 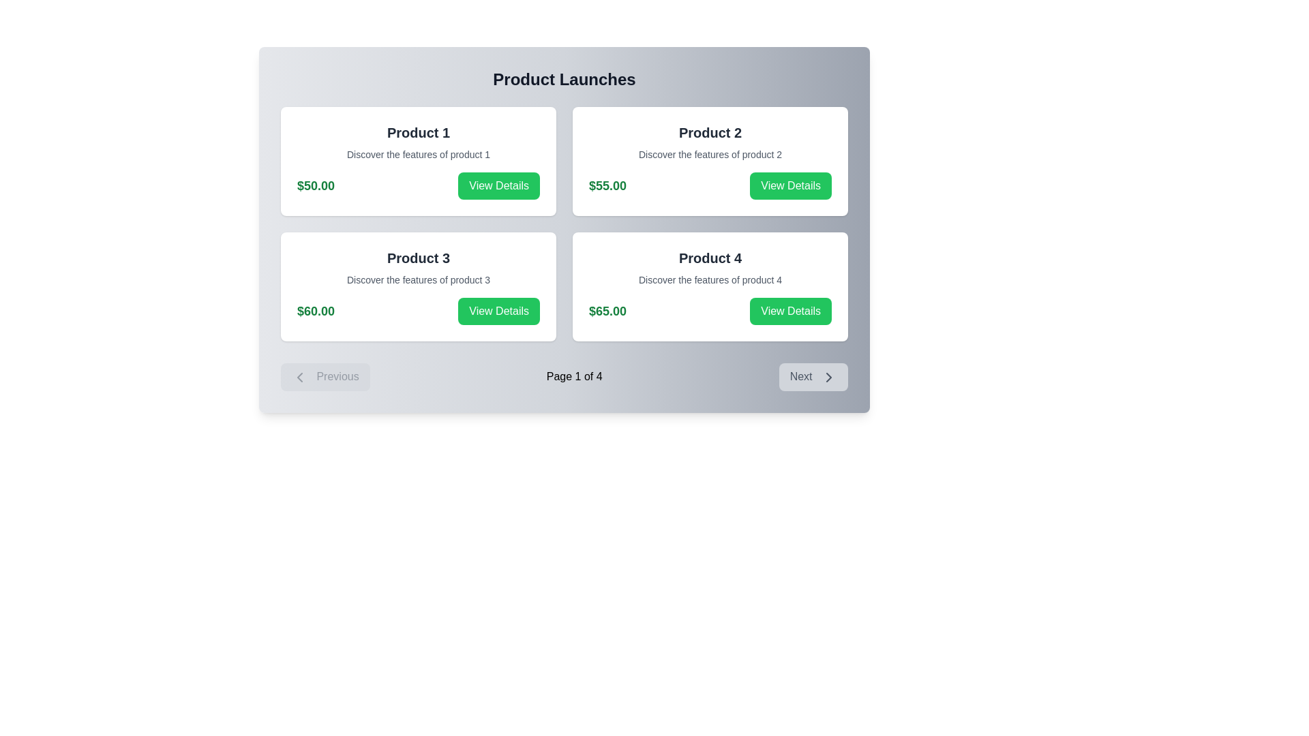 What do you see at coordinates (607, 186) in the screenshot?
I see `the static text label indicating the price located in the second product card, positioned in the top-right quadrant of the interface, above the 'View Details' button` at bounding box center [607, 186].